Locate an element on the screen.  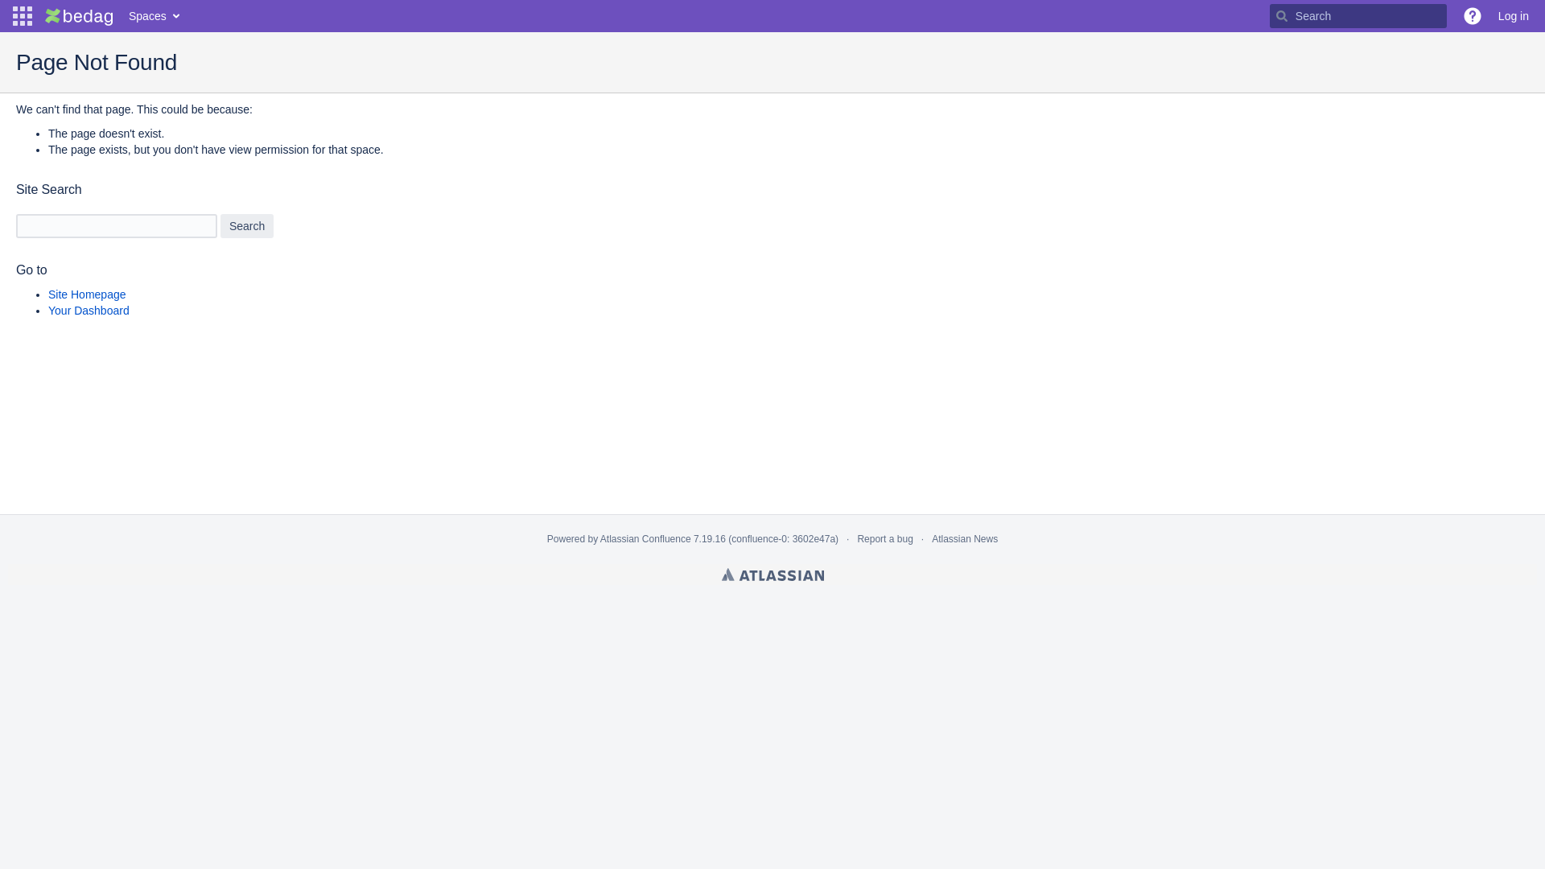
' (Type 'g' then 'g'OR '/')' is located at coordinates (1358, 15).